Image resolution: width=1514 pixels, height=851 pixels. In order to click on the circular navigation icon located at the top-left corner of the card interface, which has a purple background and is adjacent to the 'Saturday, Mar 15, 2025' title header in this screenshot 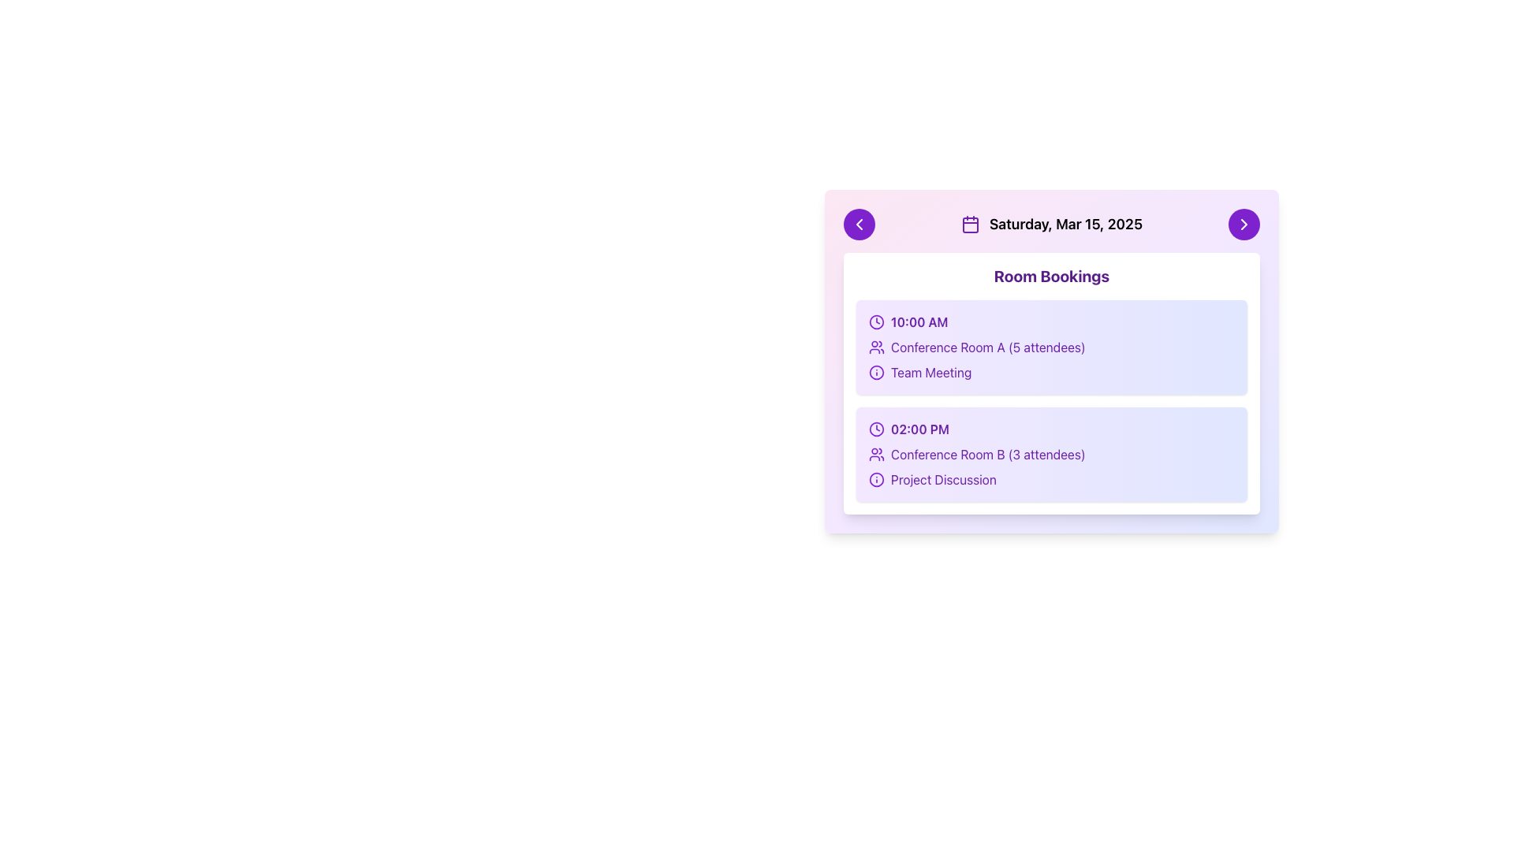, I will do `click(858, 225)`.